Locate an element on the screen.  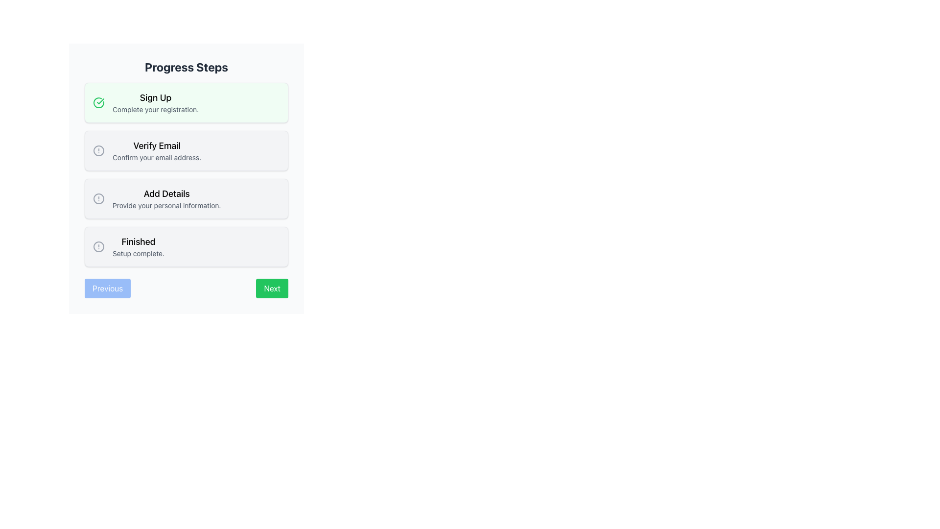
the 'Next' button on the navigation bar located at the bottom of the progress interface to advance one step is located at coordinates (186, 288).